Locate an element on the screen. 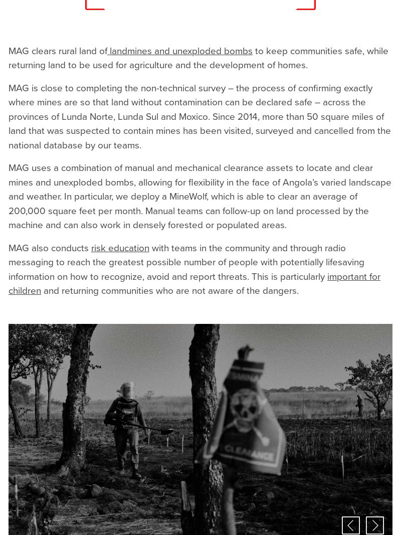  'MAG is close to completing the non-technical survey – the process of confirming exactly where mines are so that land without contamination can be declared safe – across the provinces of Lunda Norte, Lunda Sul and Moxico. Since 2014, more than 50 square miles of land that was suspected to contain mines has been visited, surveyed and cancelled from the national database by our teams.' is located at coordinates (9, 116).